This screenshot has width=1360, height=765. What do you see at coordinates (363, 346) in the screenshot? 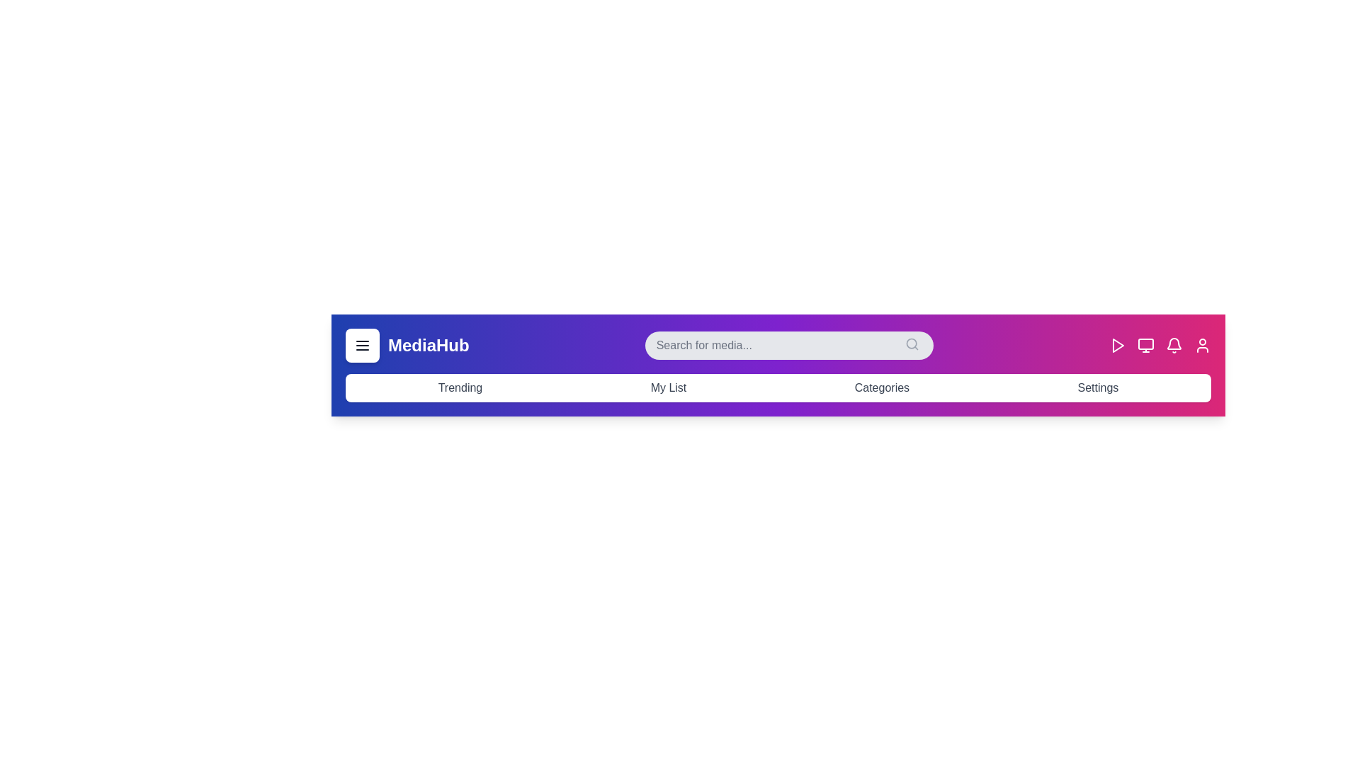
I see `the menu button to toggle the visibility of the navigation menu` at bounding box center [363, 346].